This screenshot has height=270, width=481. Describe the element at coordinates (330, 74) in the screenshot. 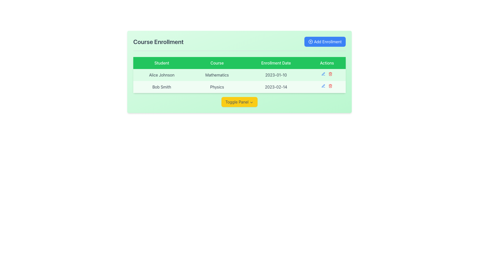

I see `the delete button in the 'Actions' column of the first row under the 'Course Enrollment' section` at that location.